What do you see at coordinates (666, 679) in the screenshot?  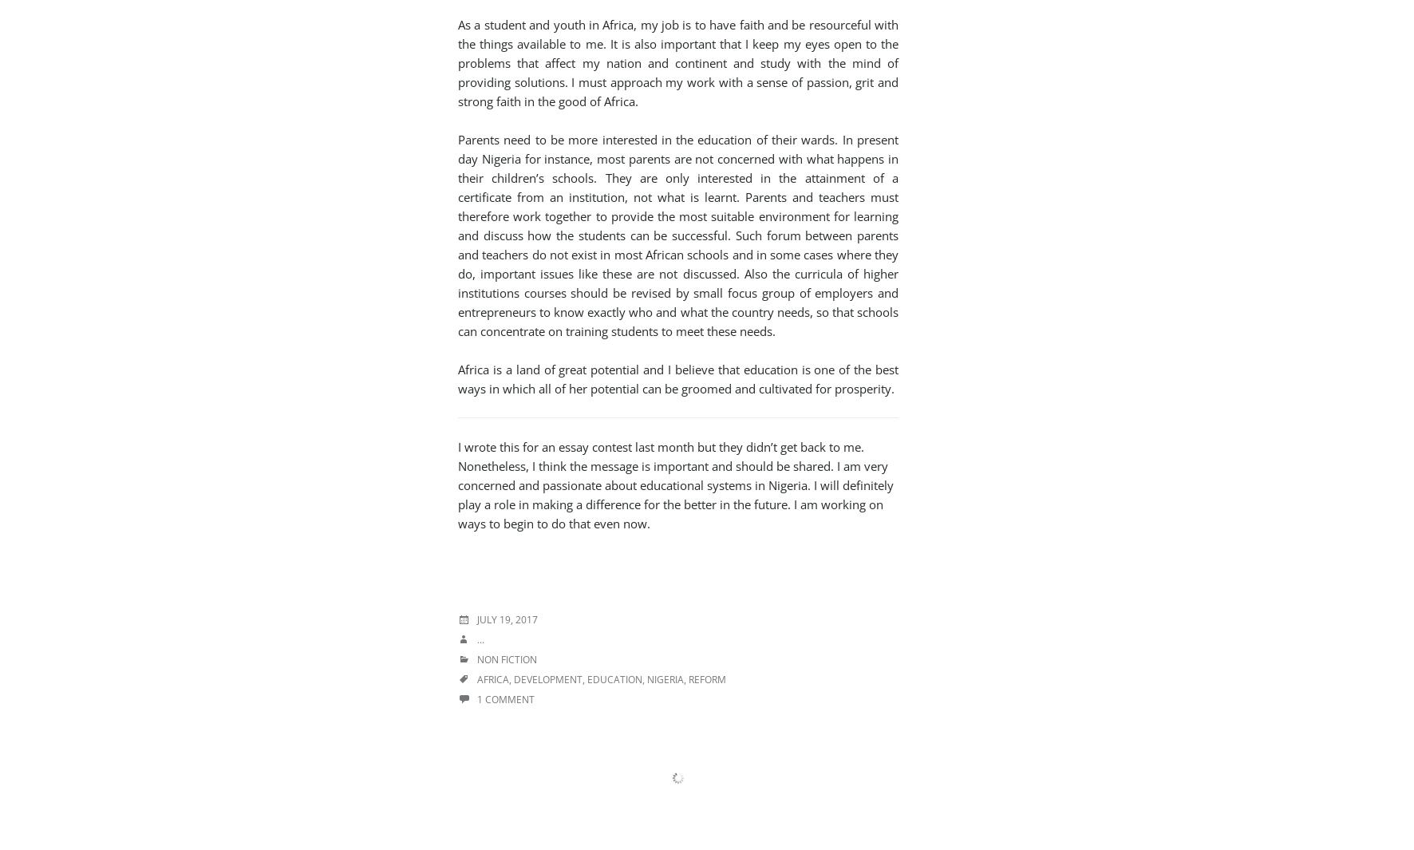 I see `'Nigeria'` at bounding box center [666, 679].